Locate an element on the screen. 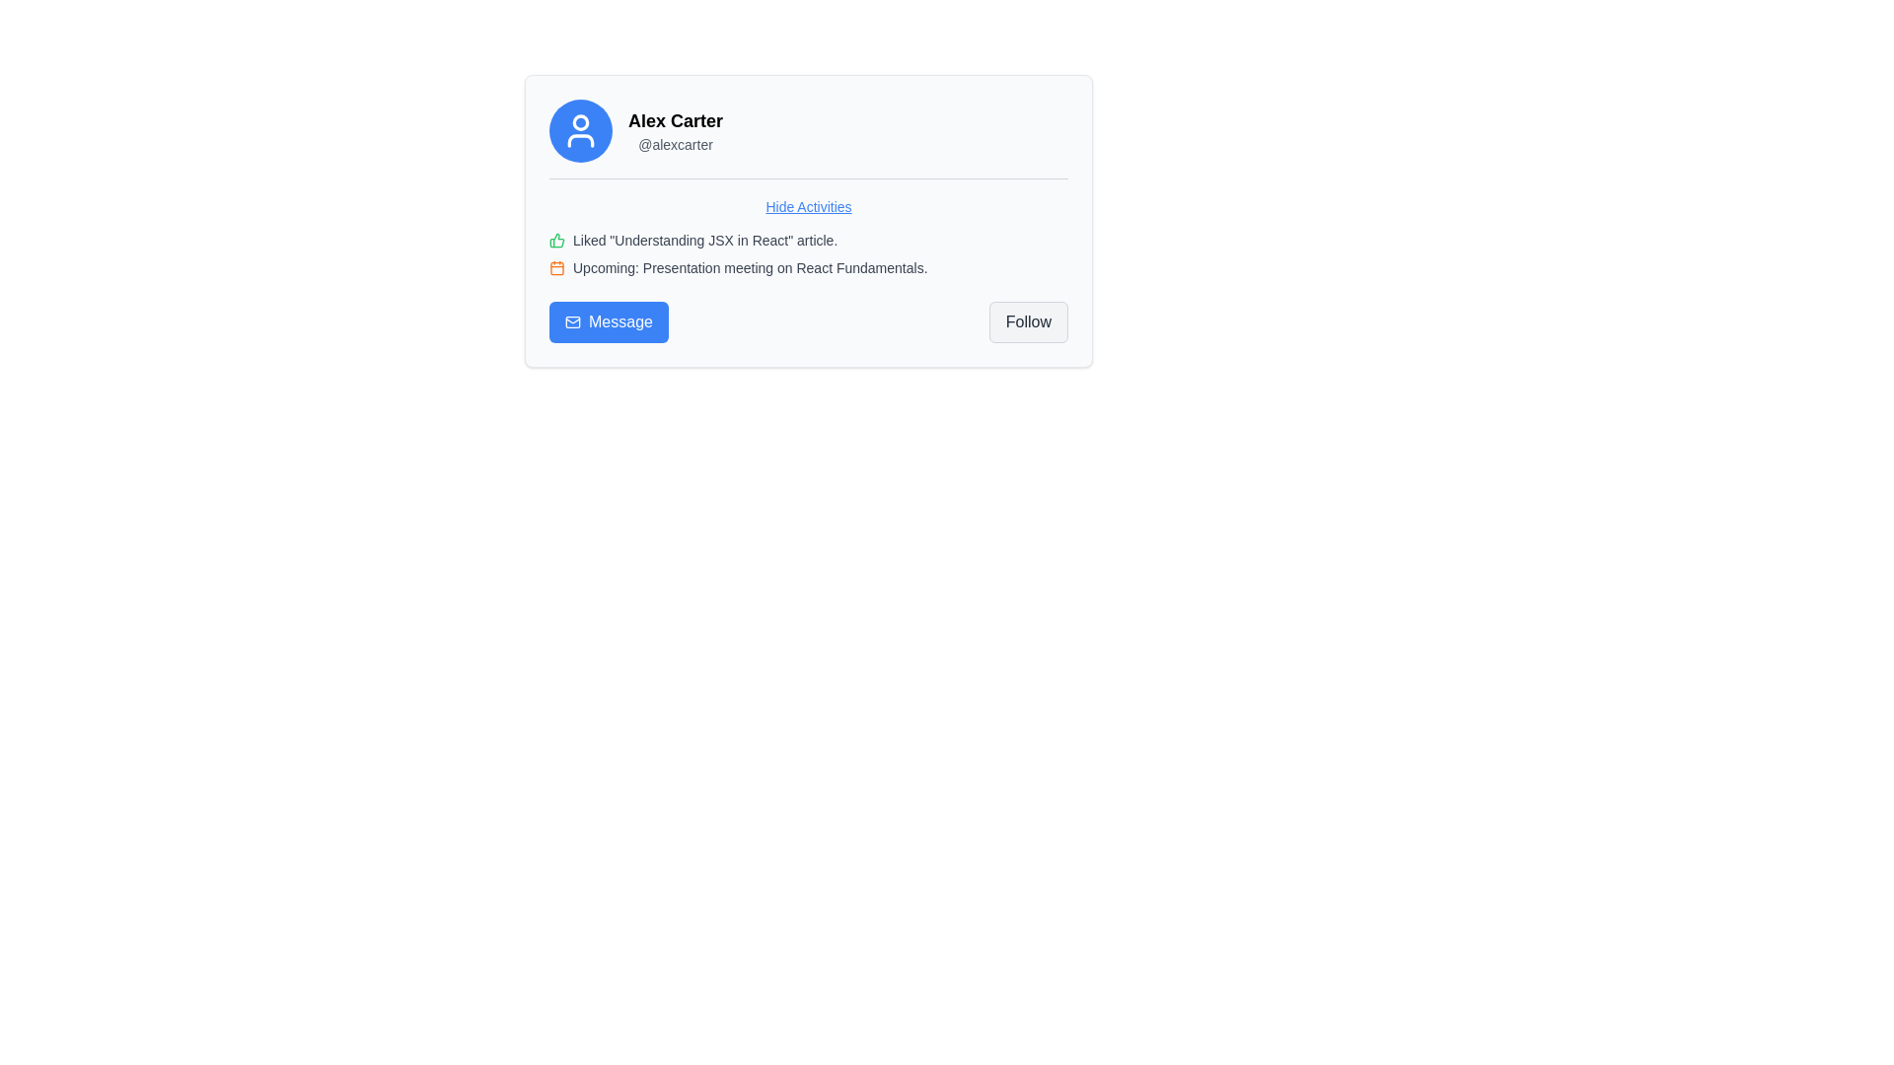  the rectangular button with a blue background and white 'Message' text to observe its hover effect is located at coordinates (608, 321).